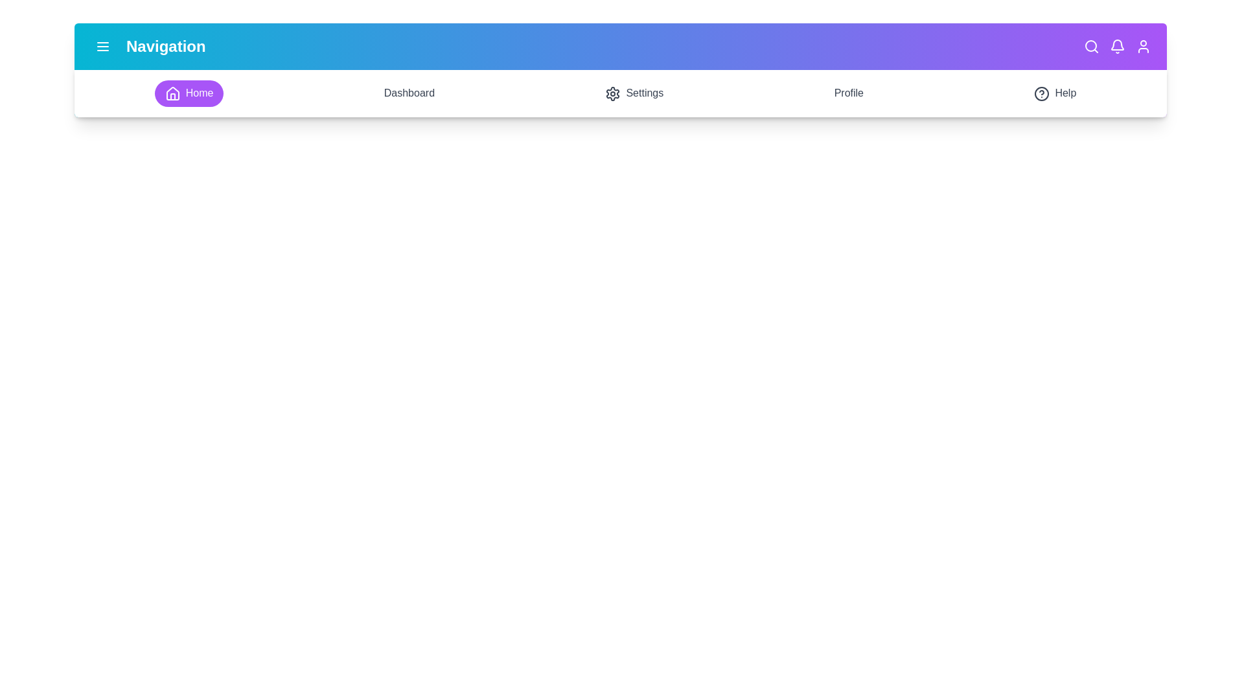  What do you see at coordinates (189, 92) in the screenshot?
I see `the Home section in the navigation bar` at bounding box center [189, 92].